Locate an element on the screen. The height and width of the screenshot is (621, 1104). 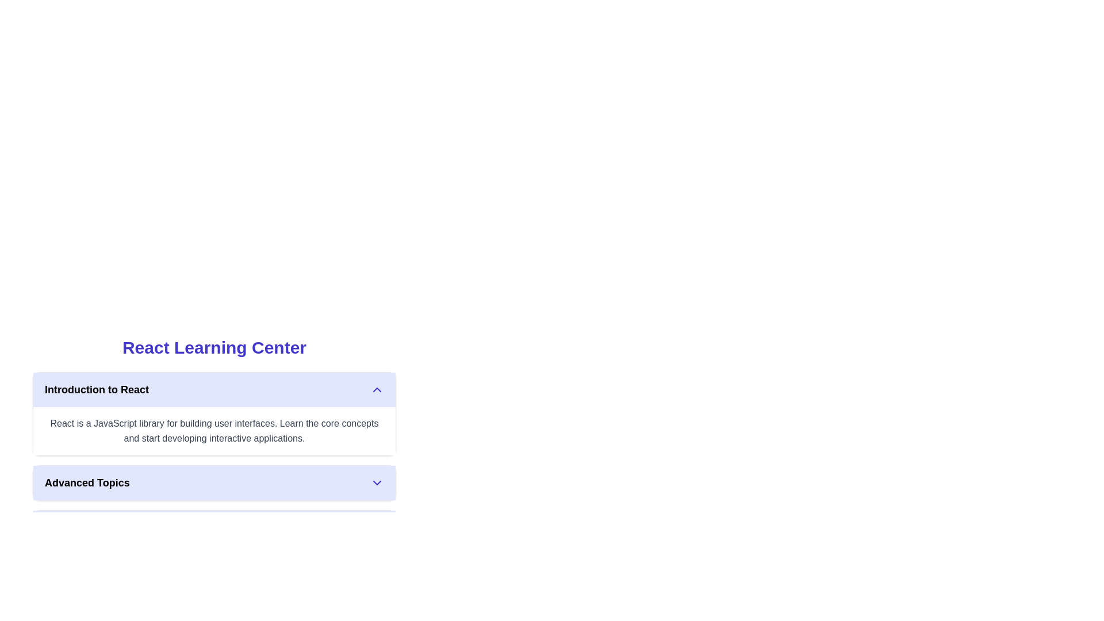
title text of the bold header that says 'React Learning Center', which is centered at the top of the content section is located at coordinates (214, 347).